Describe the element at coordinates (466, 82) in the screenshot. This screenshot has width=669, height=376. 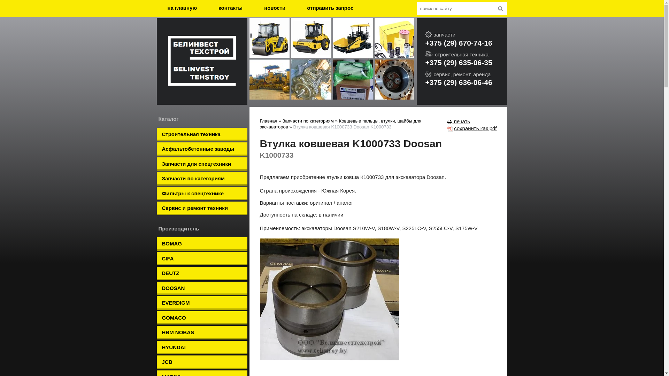
I see `'+375 (29) 636-06-46'` at that location.